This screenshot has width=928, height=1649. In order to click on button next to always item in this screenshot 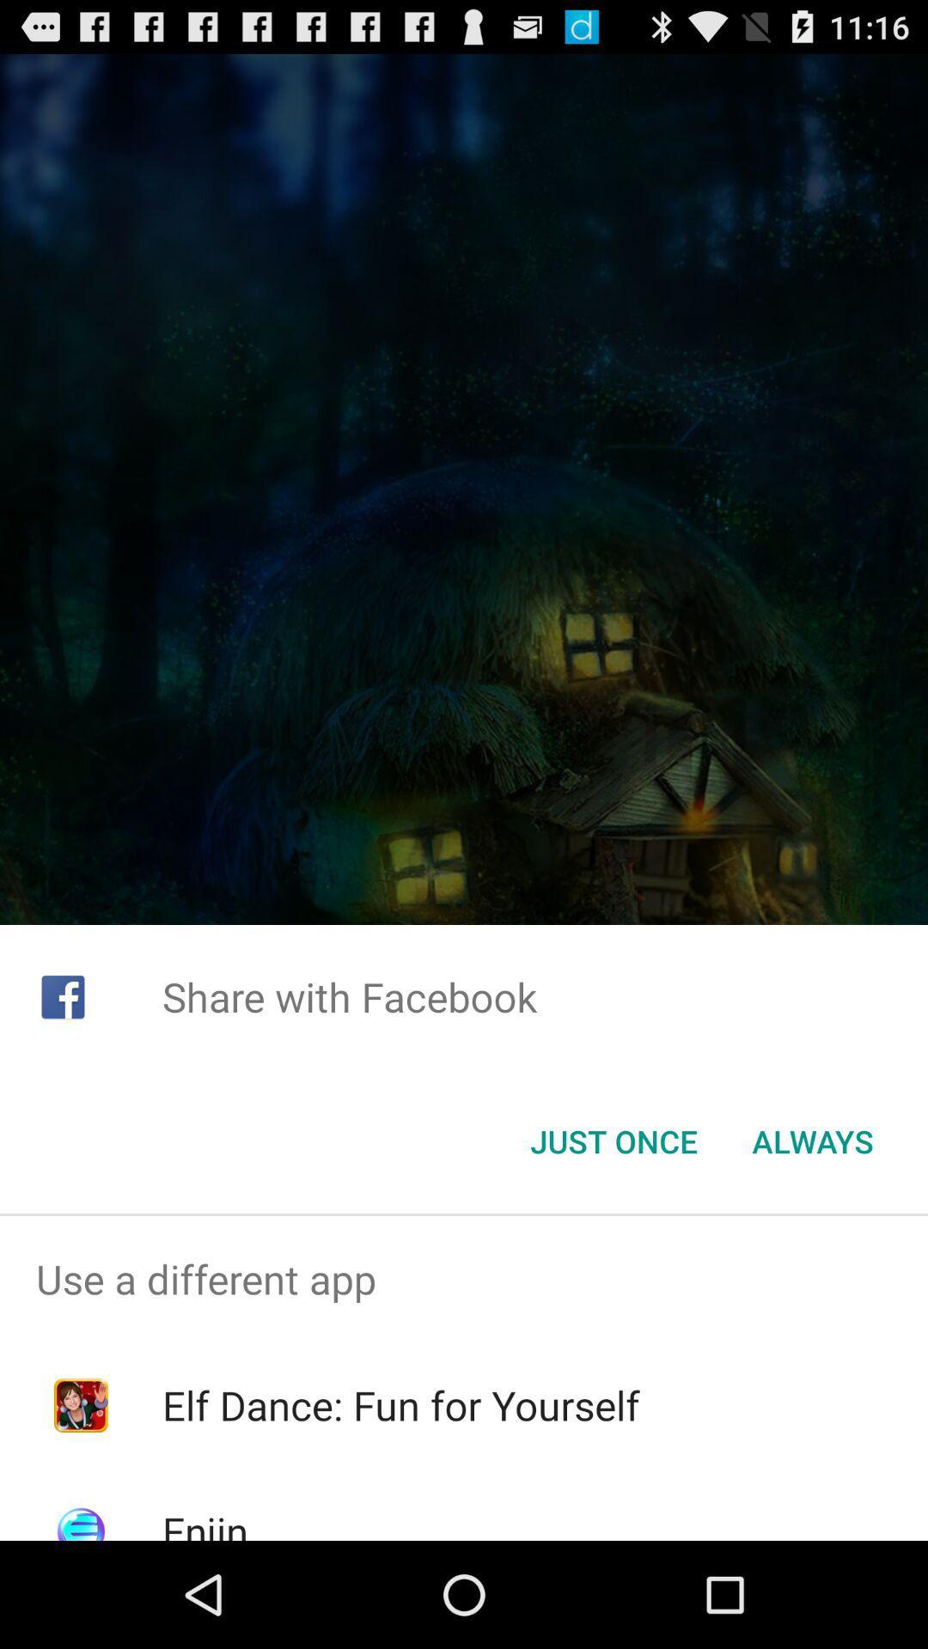, I will do `click(613, 1141)`.